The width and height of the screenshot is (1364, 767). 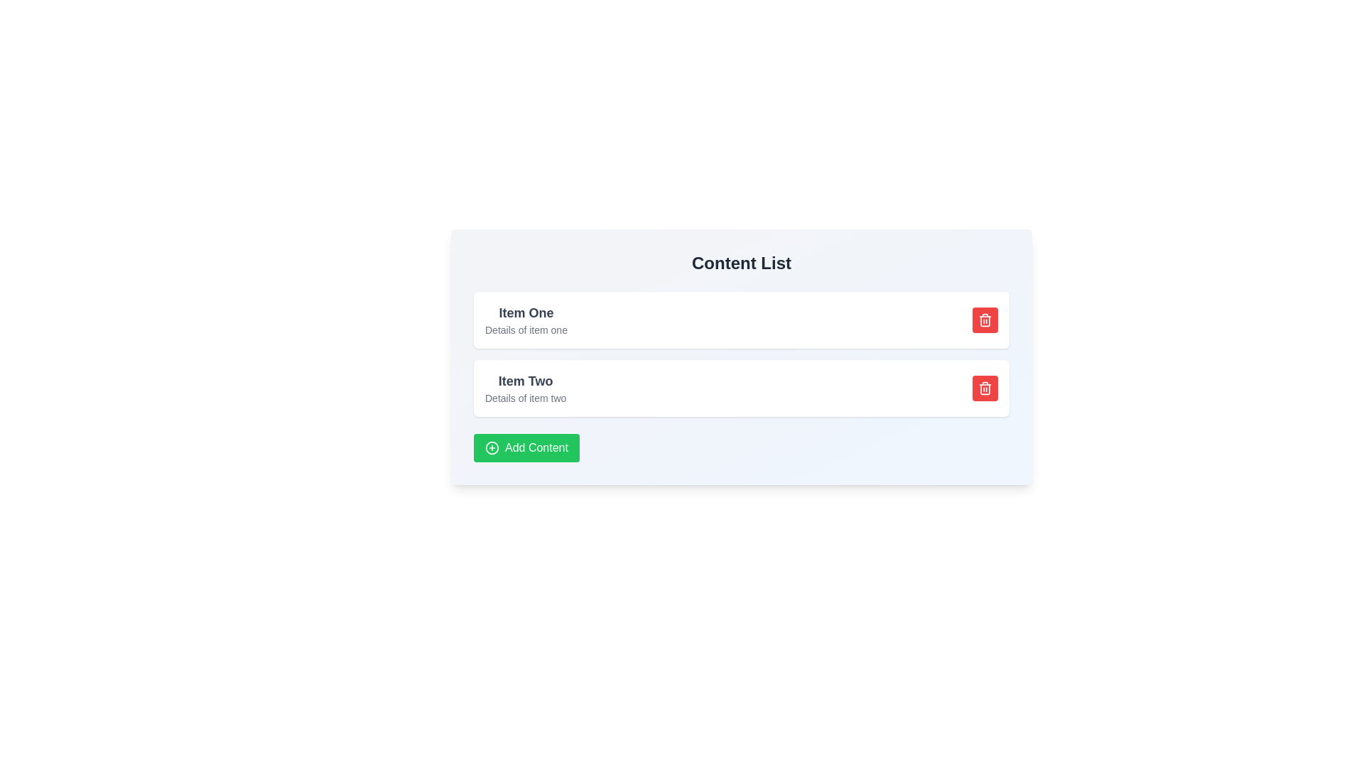 I want to click on the text block displaying 'Item Two', which is styled in bold, larger dark gray text, located in the second item of the 'Content List', so click(x=525, y=380).